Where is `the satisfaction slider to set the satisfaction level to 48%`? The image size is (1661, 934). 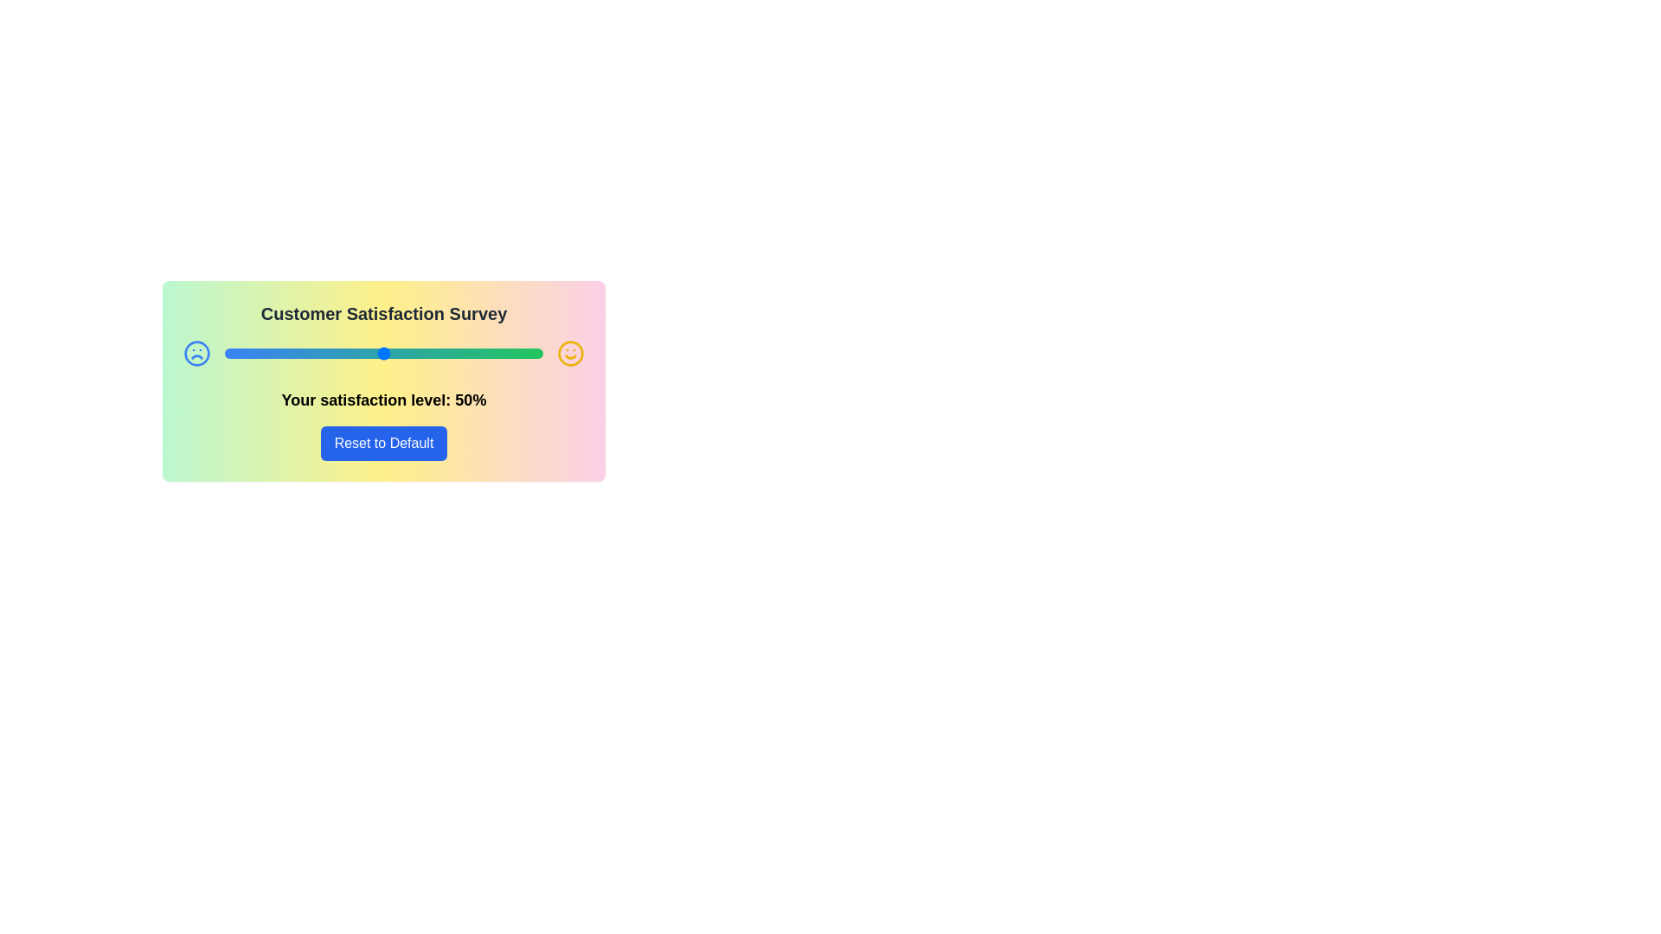 the satisfaction slider to set the satisfaction level to 48% is located at coordinates (376, 352).